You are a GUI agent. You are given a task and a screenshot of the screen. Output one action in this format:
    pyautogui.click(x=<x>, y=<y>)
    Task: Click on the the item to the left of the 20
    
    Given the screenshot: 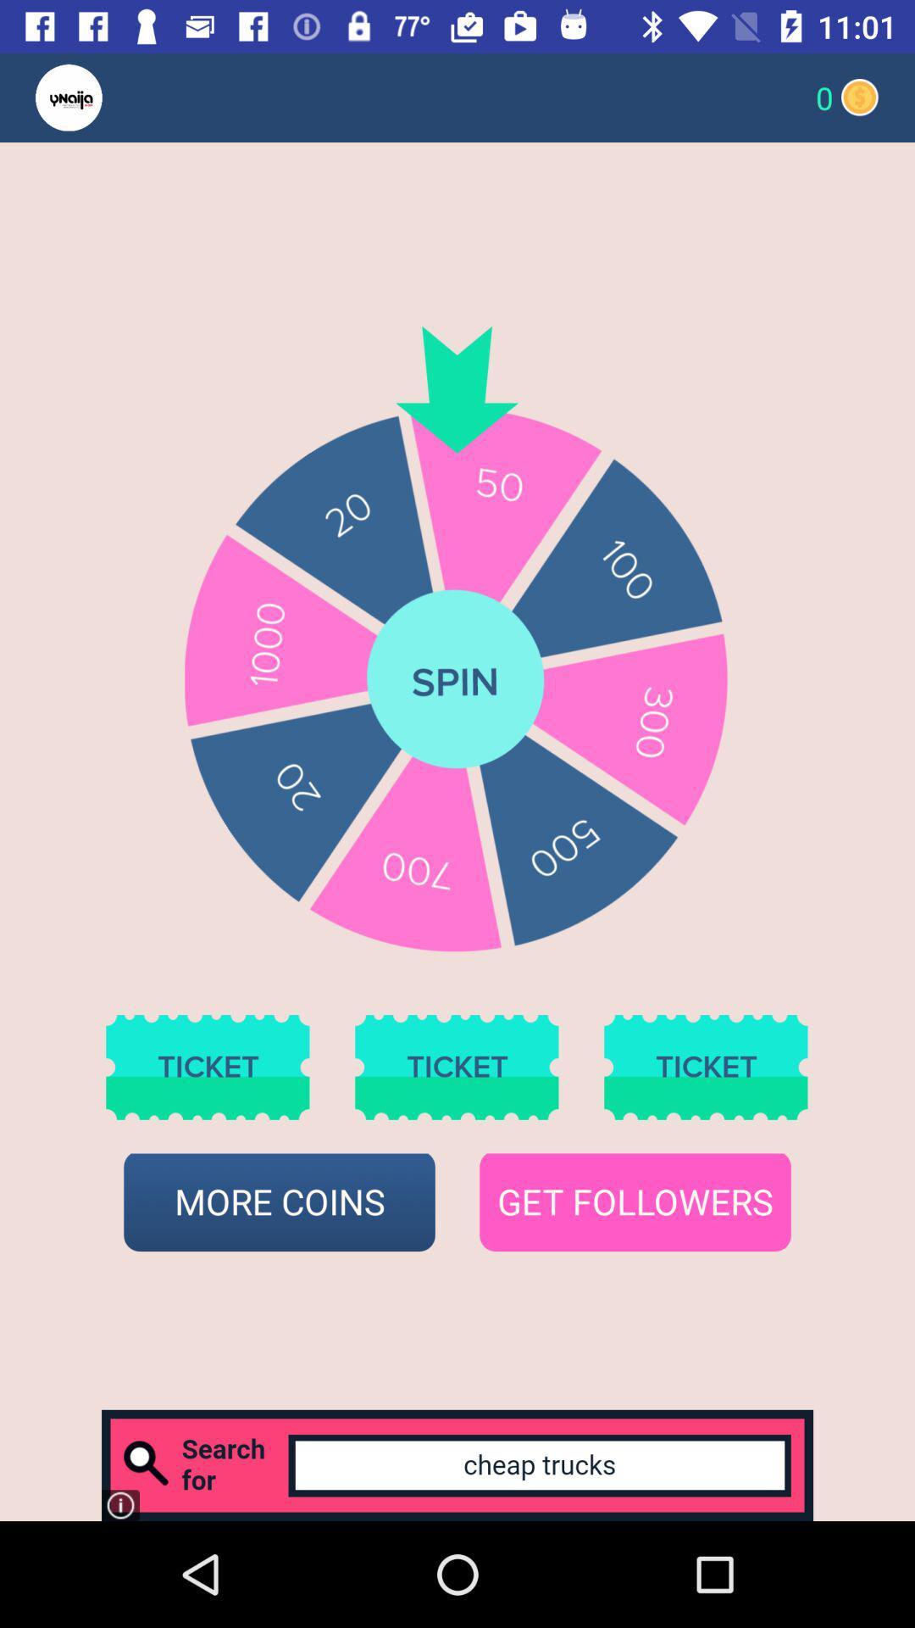 What is the action you would take?
    pyautogui.click(x=102, y=97)
    